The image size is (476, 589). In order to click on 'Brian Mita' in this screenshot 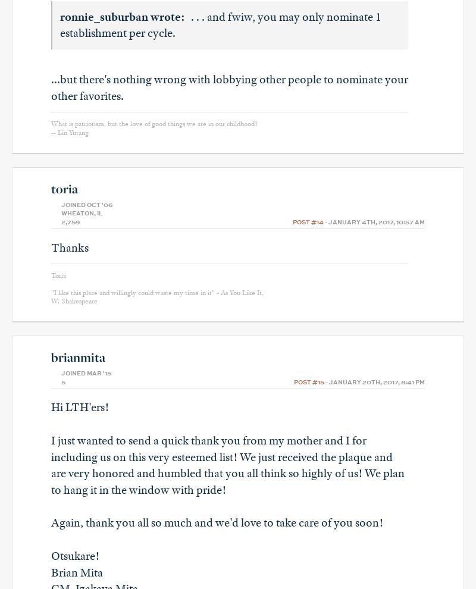, I will do `click(76, 572)`.